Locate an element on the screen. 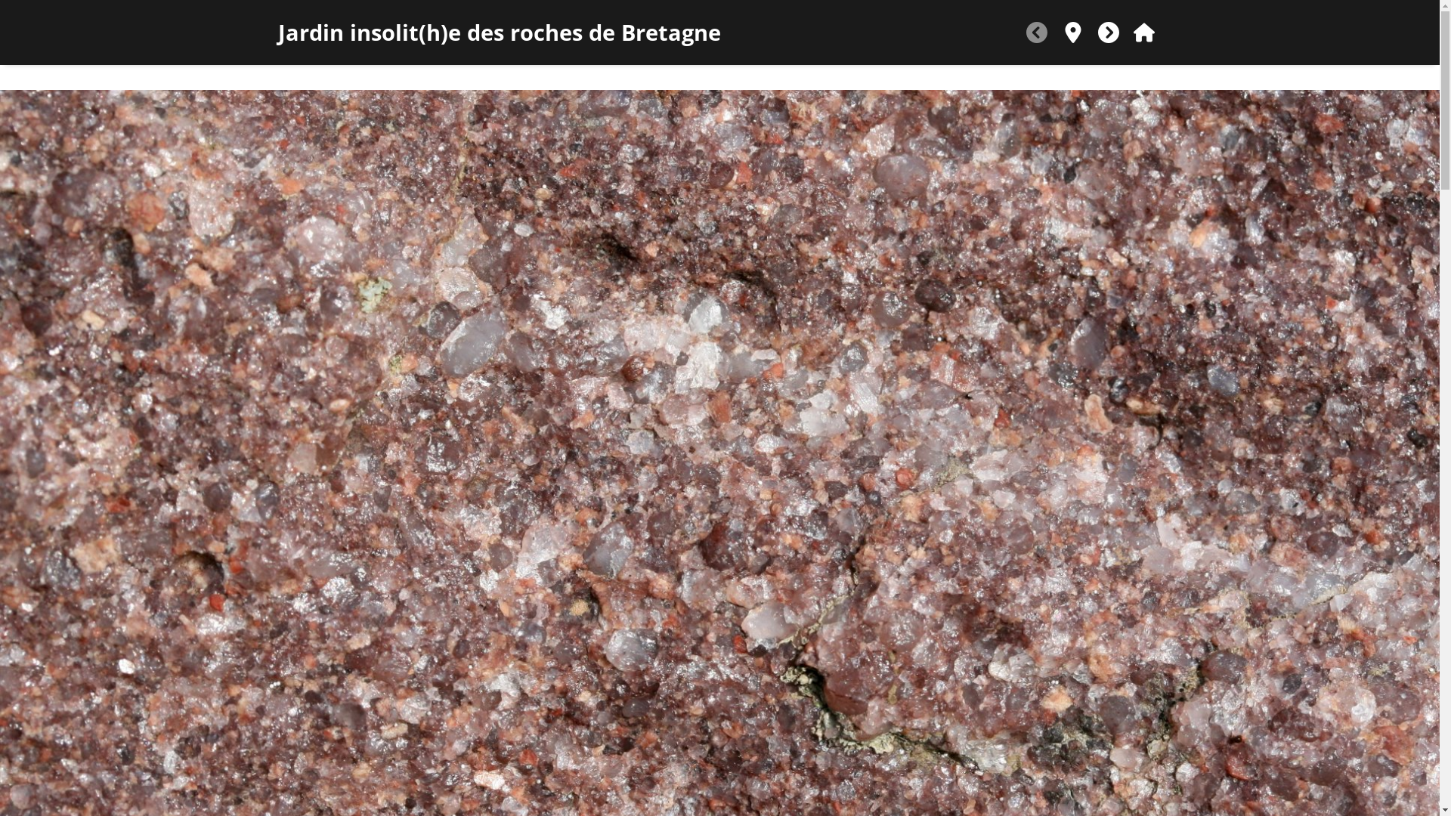 This screenshot has height=816, width=1451. 'Accueil' is located at coordinates (1143, 32).